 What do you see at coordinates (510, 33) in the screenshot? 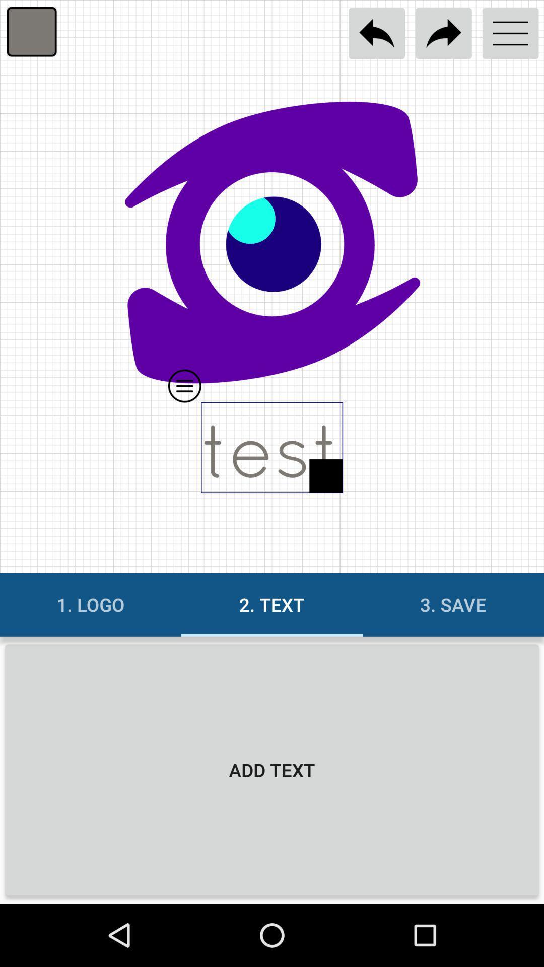
I see `more options` at bounding box center [510, 33].